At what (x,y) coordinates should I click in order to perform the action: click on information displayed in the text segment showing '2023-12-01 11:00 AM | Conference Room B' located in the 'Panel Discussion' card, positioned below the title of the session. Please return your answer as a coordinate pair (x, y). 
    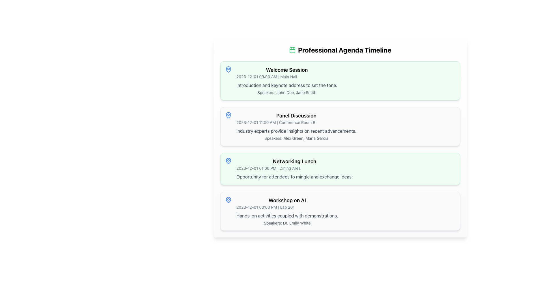
    Looking at the image, I should click on (296, 122).